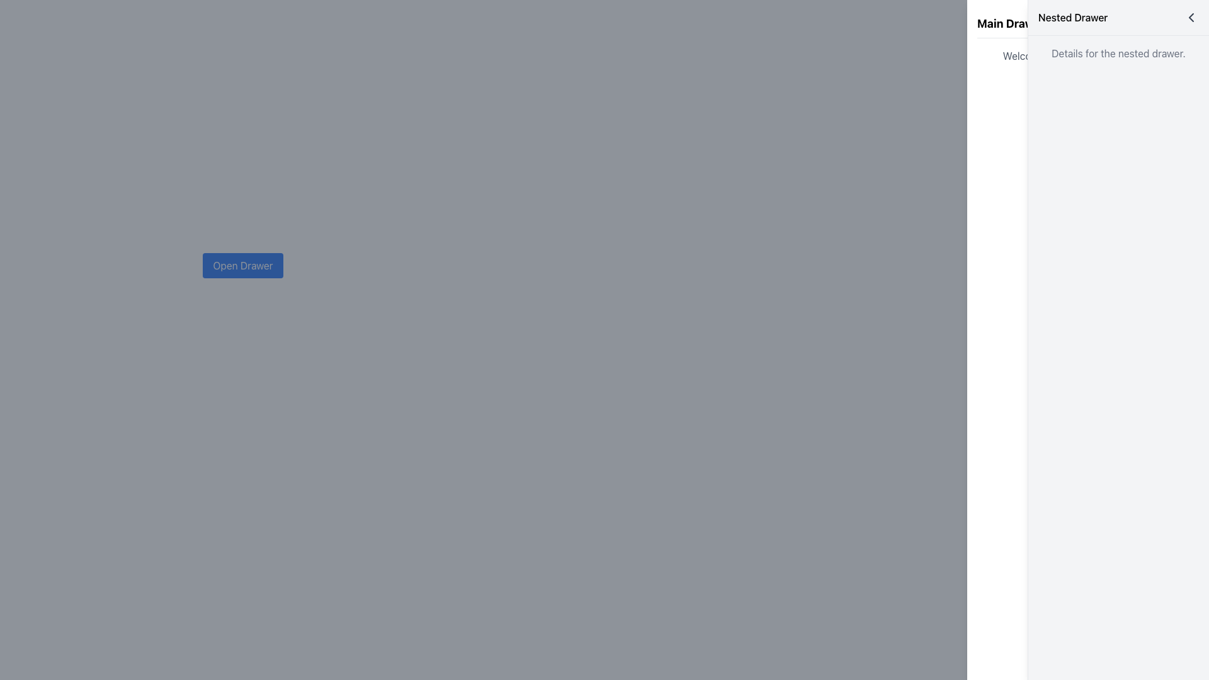  What do you see at coordinates (1190, 24) in the screenshot?
I see `the close button located at the upper right corner of the drawer modal` at bounding box center [1190, 24].